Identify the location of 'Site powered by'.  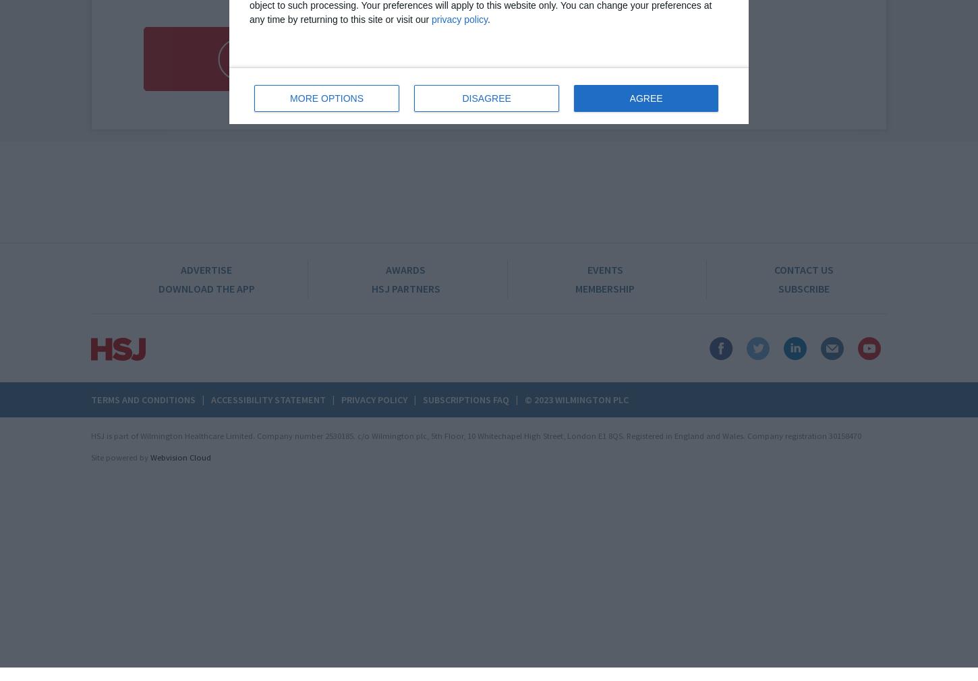
(119, 456).